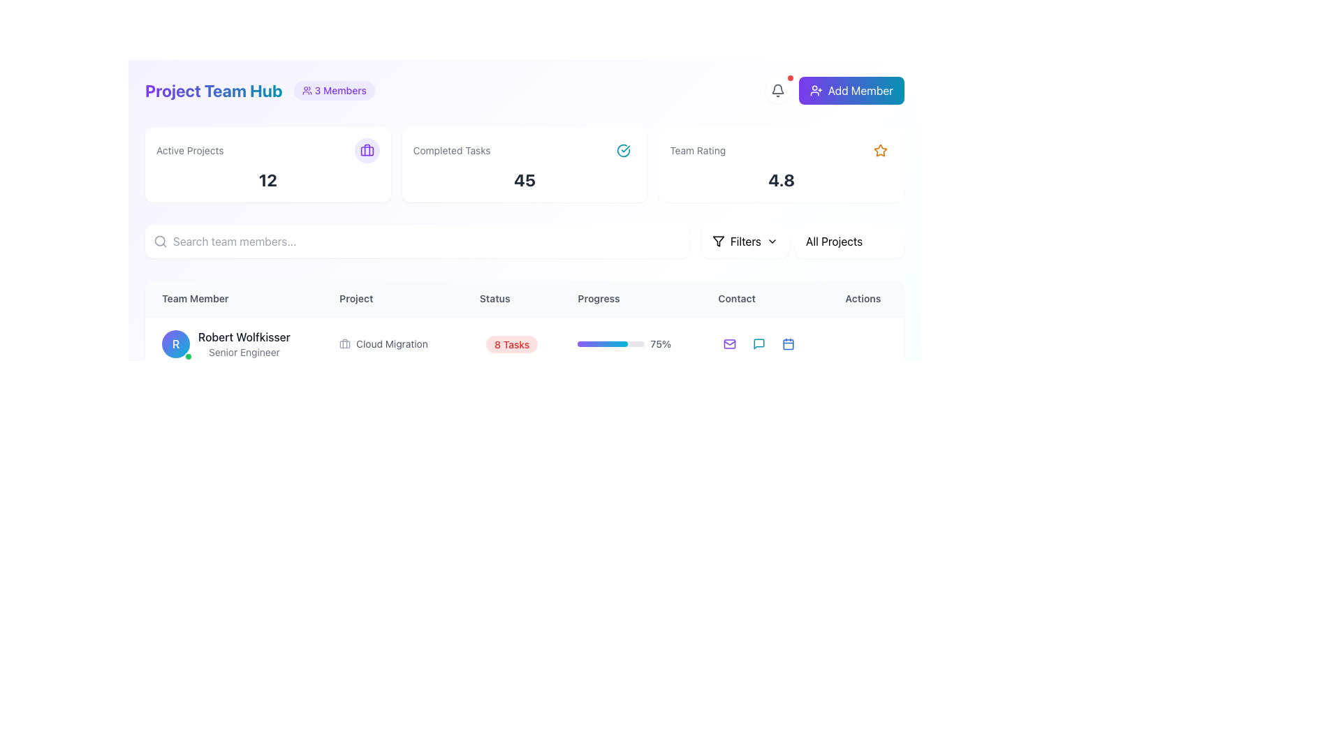 Image resolution: width=1341 pixels, height=754 pixels. What do you see at coordinates (718, 241) in the screenshot?
I see `the funnel icon located in the 'Filters' section, which is outlined and minimalistic in design, positioned to the left of the 'Filters' label` at bounding box center [718, 241].